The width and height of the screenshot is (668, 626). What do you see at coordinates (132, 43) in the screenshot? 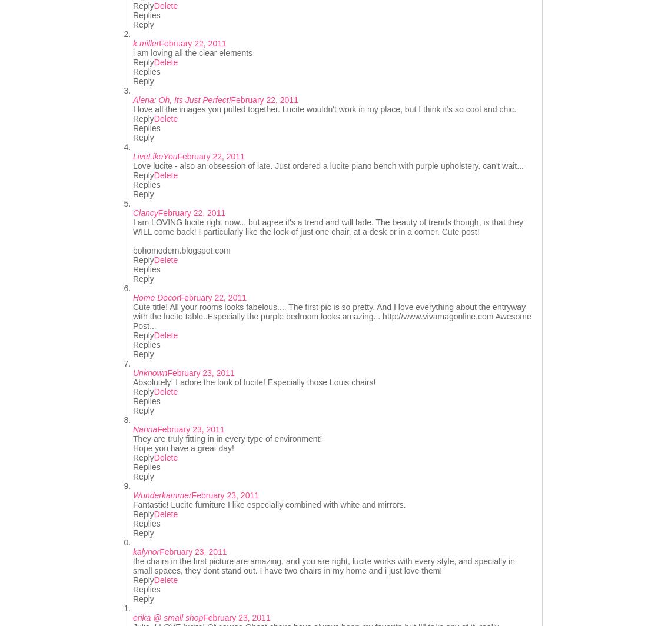
I see `'k.miller'` at bounding box center [132, 43].